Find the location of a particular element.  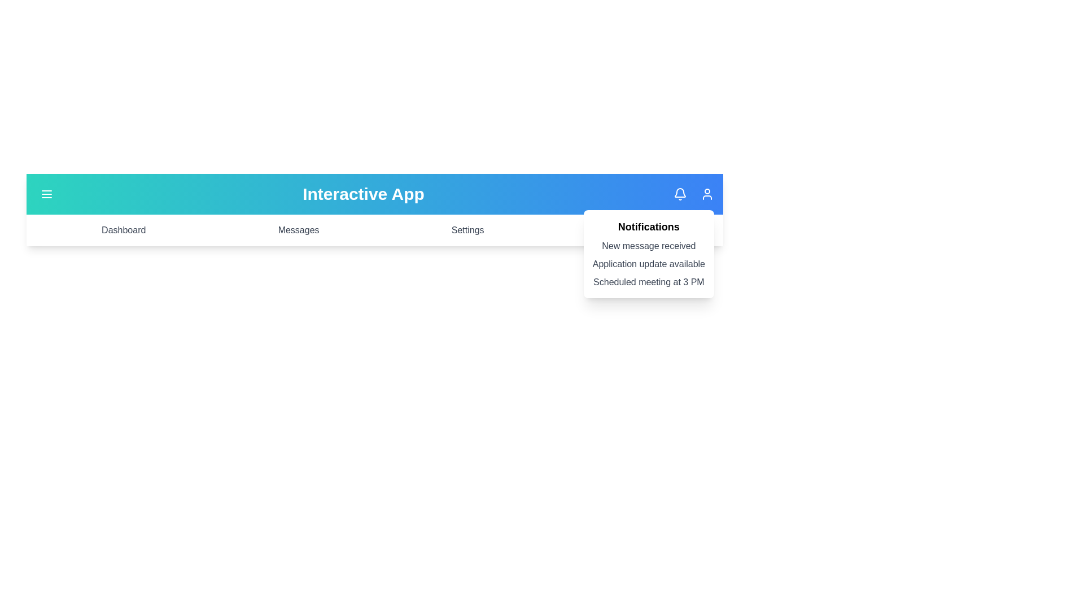

the interactive element notification_button to observe visual changes is located at coordinates (679, 193).